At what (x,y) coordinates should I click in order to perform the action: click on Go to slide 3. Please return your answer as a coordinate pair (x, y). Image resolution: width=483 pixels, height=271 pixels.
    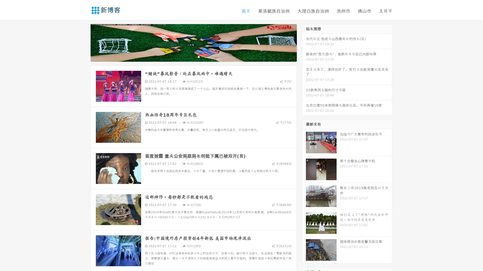
    Looking at the image, I should click on (198, 56).